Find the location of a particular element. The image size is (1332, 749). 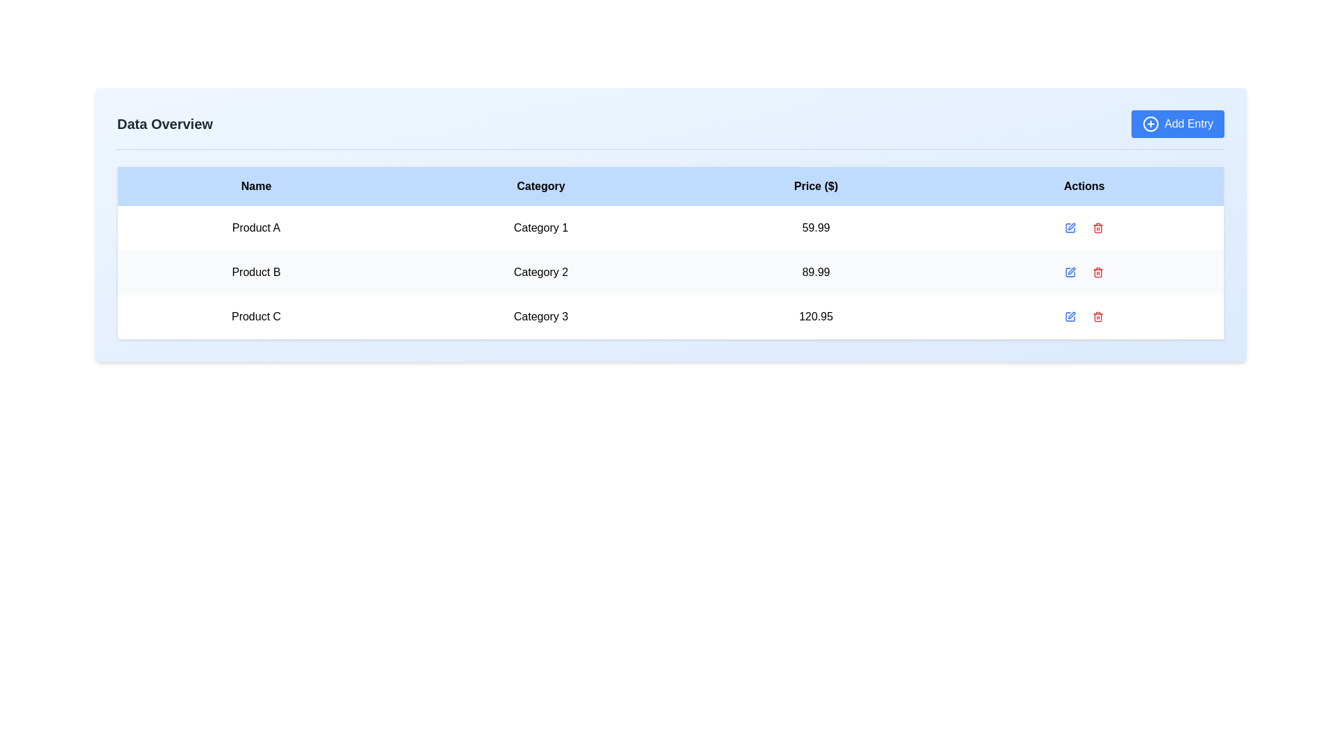

the delete button in the Actions column for 'Product B' is located at coordinates (1098, 227).